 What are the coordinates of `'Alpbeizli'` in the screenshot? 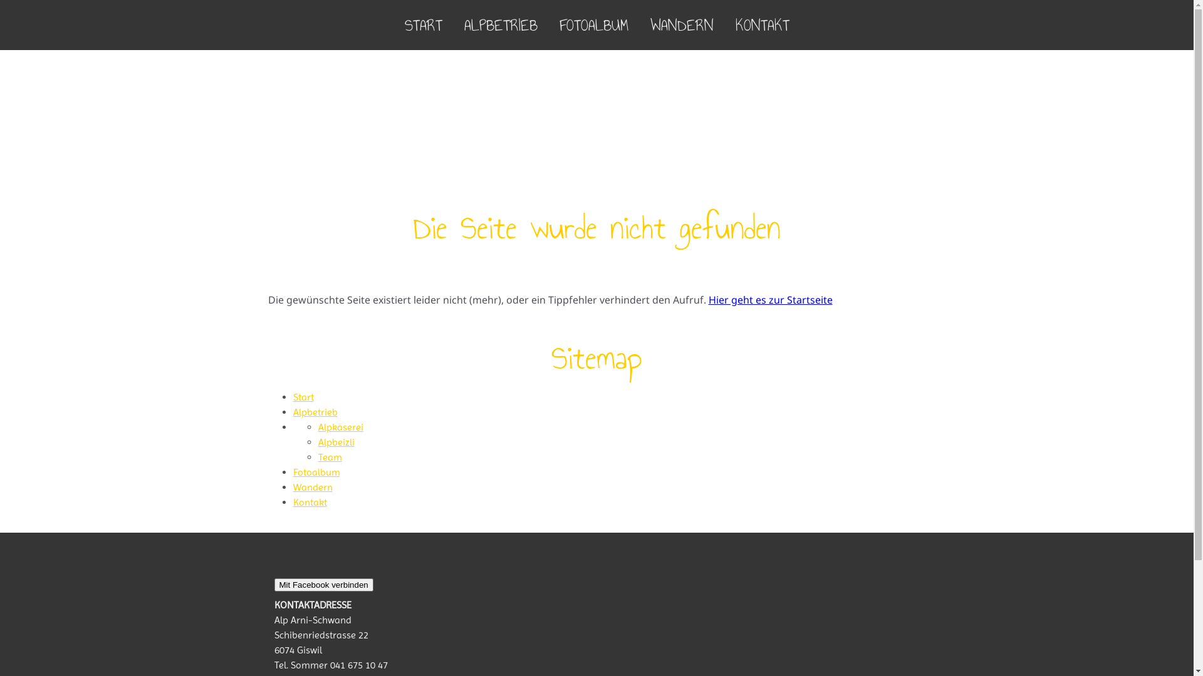 It's located at (336, 441).